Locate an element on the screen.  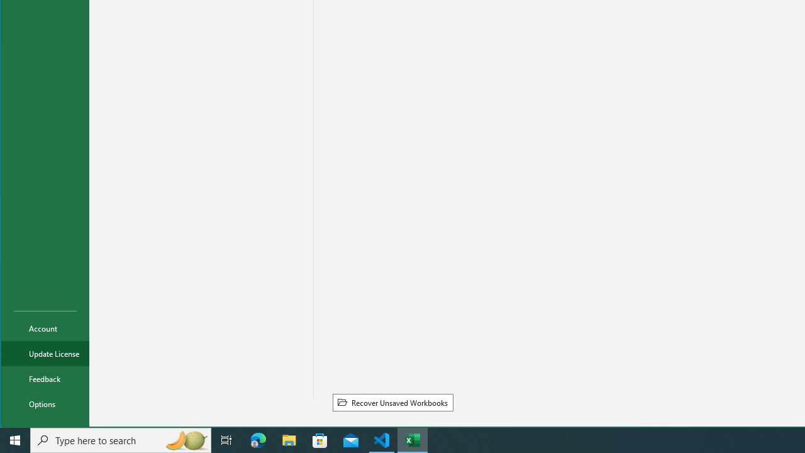
'Options' is located at coordinates (45, 403).